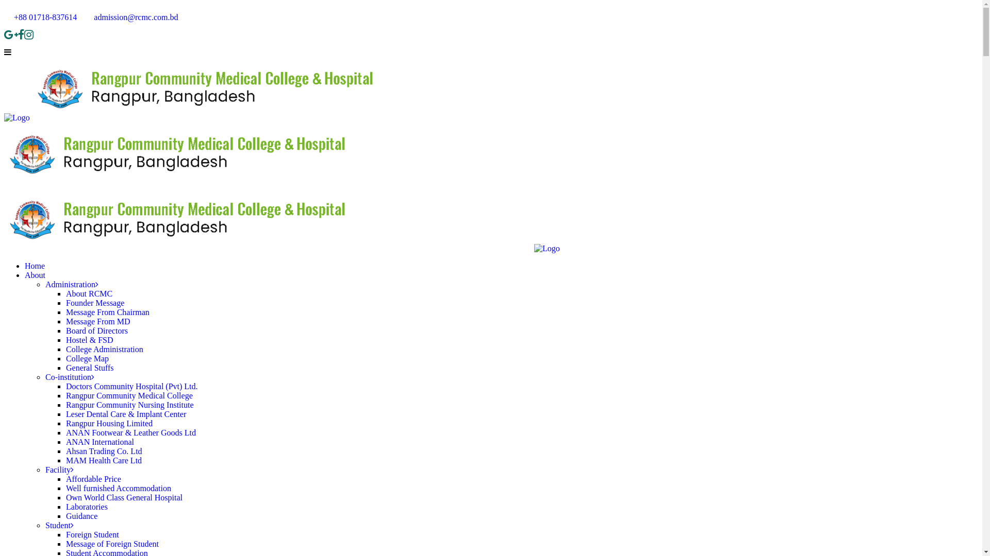 This screenshot has height=556, width=990. I want to click on 'admission@rcmc.com.bd', so click(130, 17).